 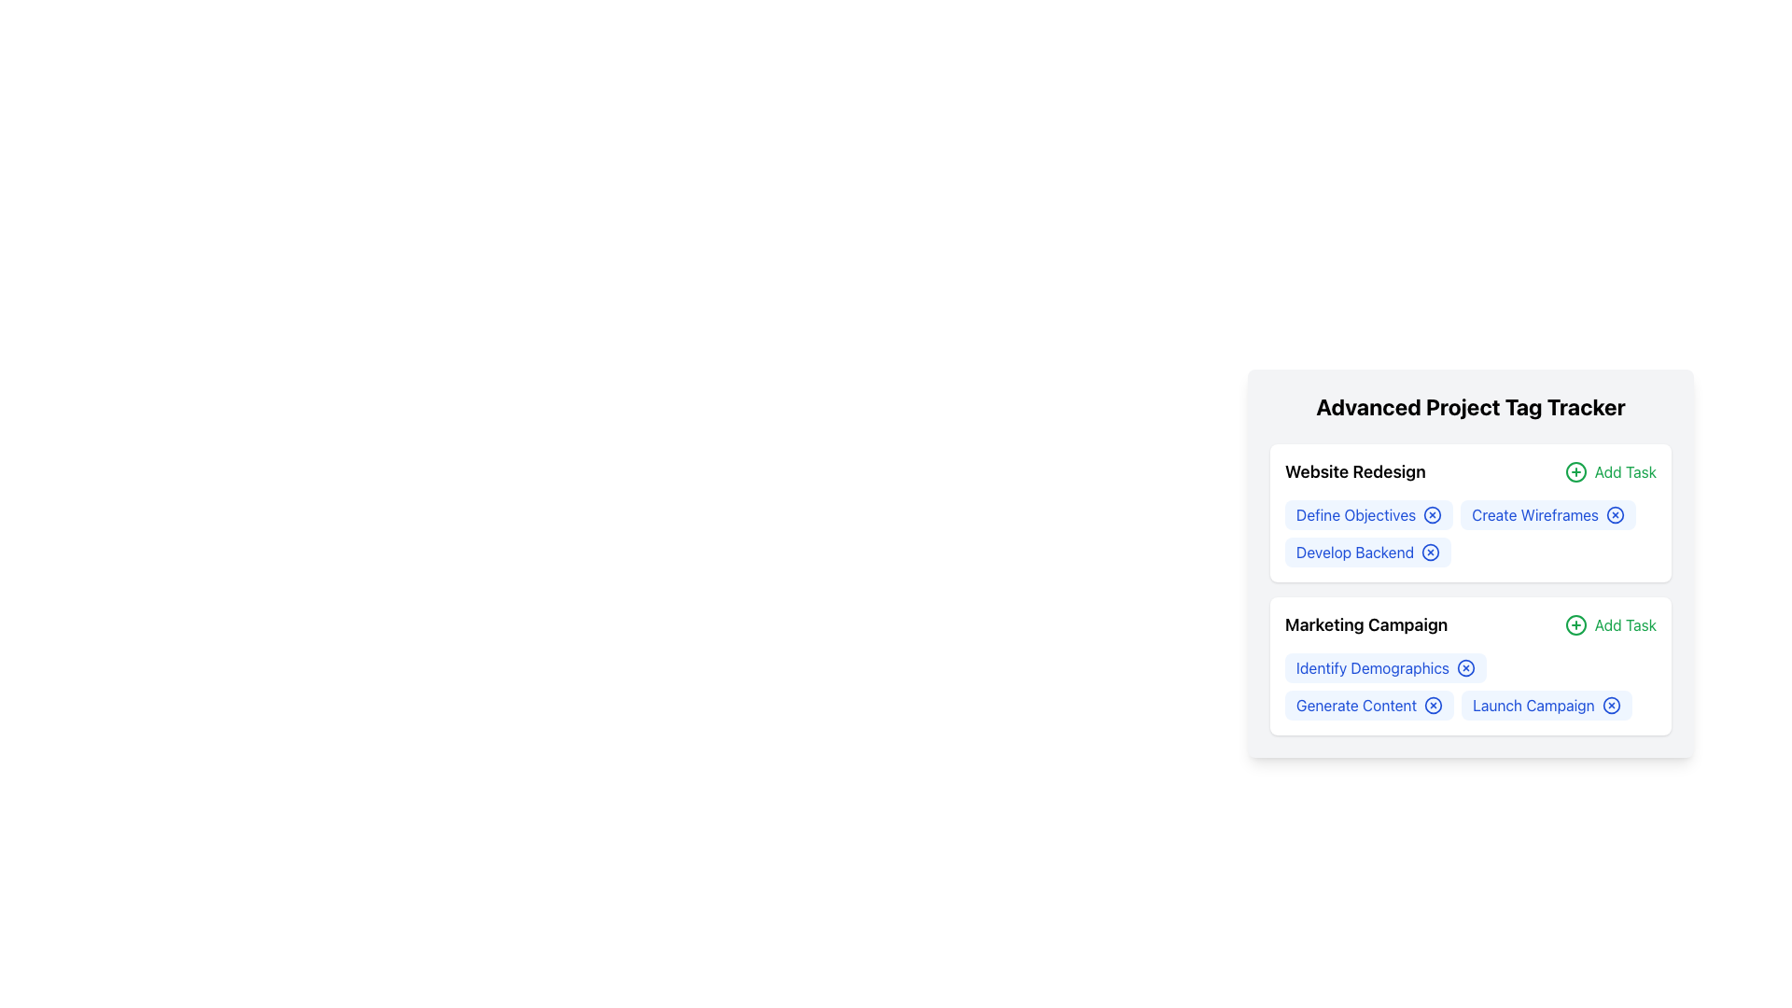 What do you see at coordinates (1609, 470) in the screenshot?
I see `the button used to add a new task to the 'Website Redesign' project, located to the right of the title within the task categorization layout` at bounding box center [1609, 470].